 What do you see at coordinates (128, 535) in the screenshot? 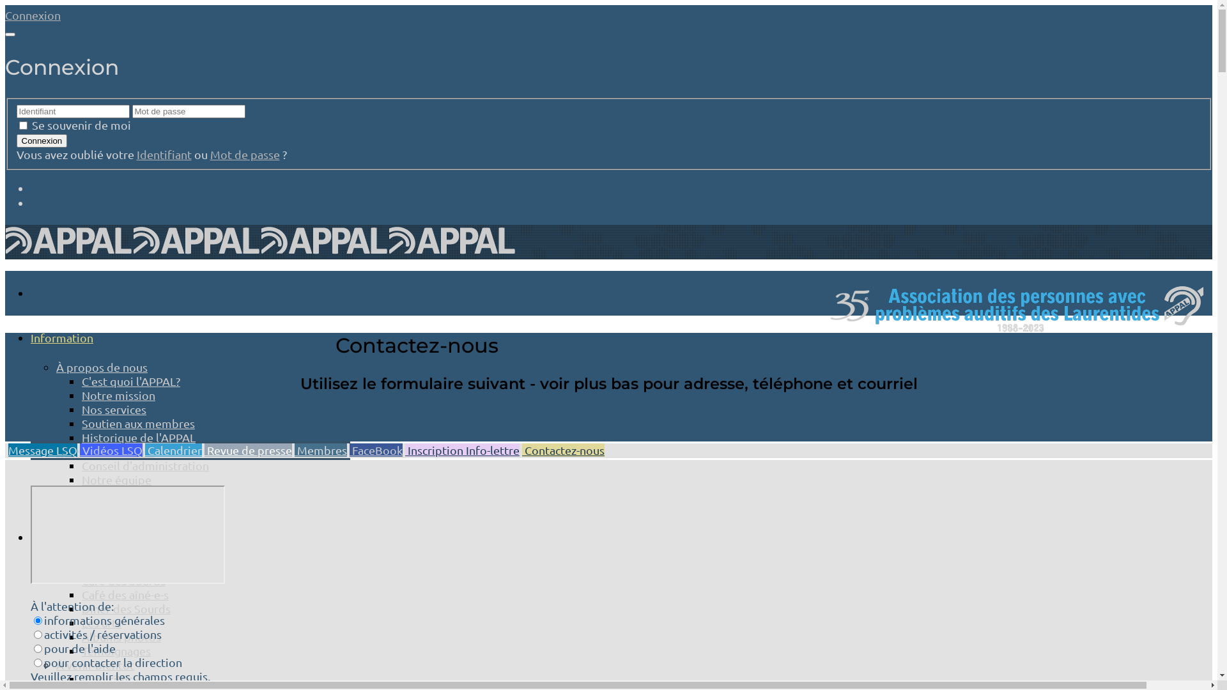
I see `'YouTube video player'` at bounding box center [128, 535].